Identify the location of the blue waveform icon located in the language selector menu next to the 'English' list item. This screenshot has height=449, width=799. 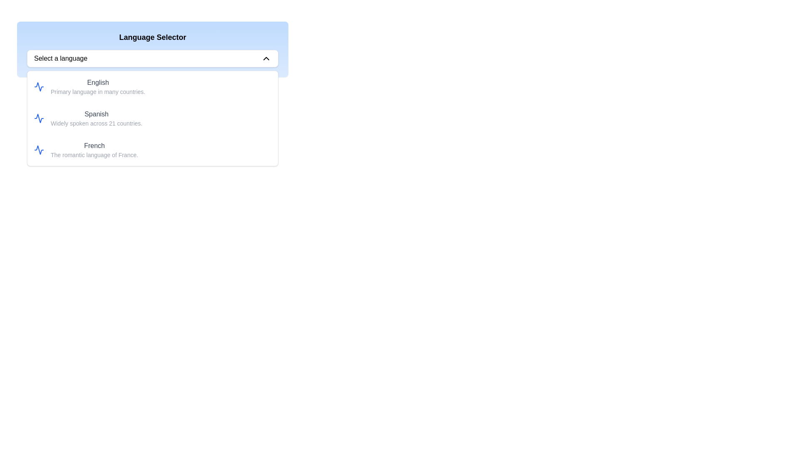
(39, 86).